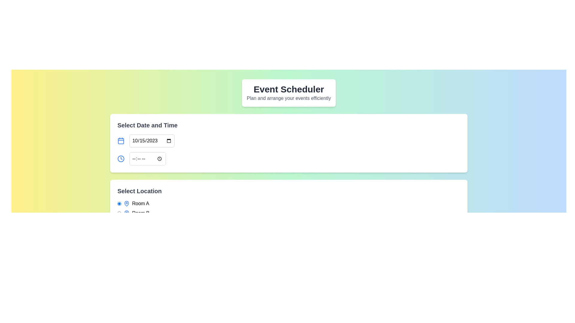 This screenshot has width=575, height=323. Describe the element at coordinates (140, 213) in the screenshot. I see `the text label displaying 'Room B', which is positioned to the far-right side of the grouping that includes a radio button and an icon` at that location.